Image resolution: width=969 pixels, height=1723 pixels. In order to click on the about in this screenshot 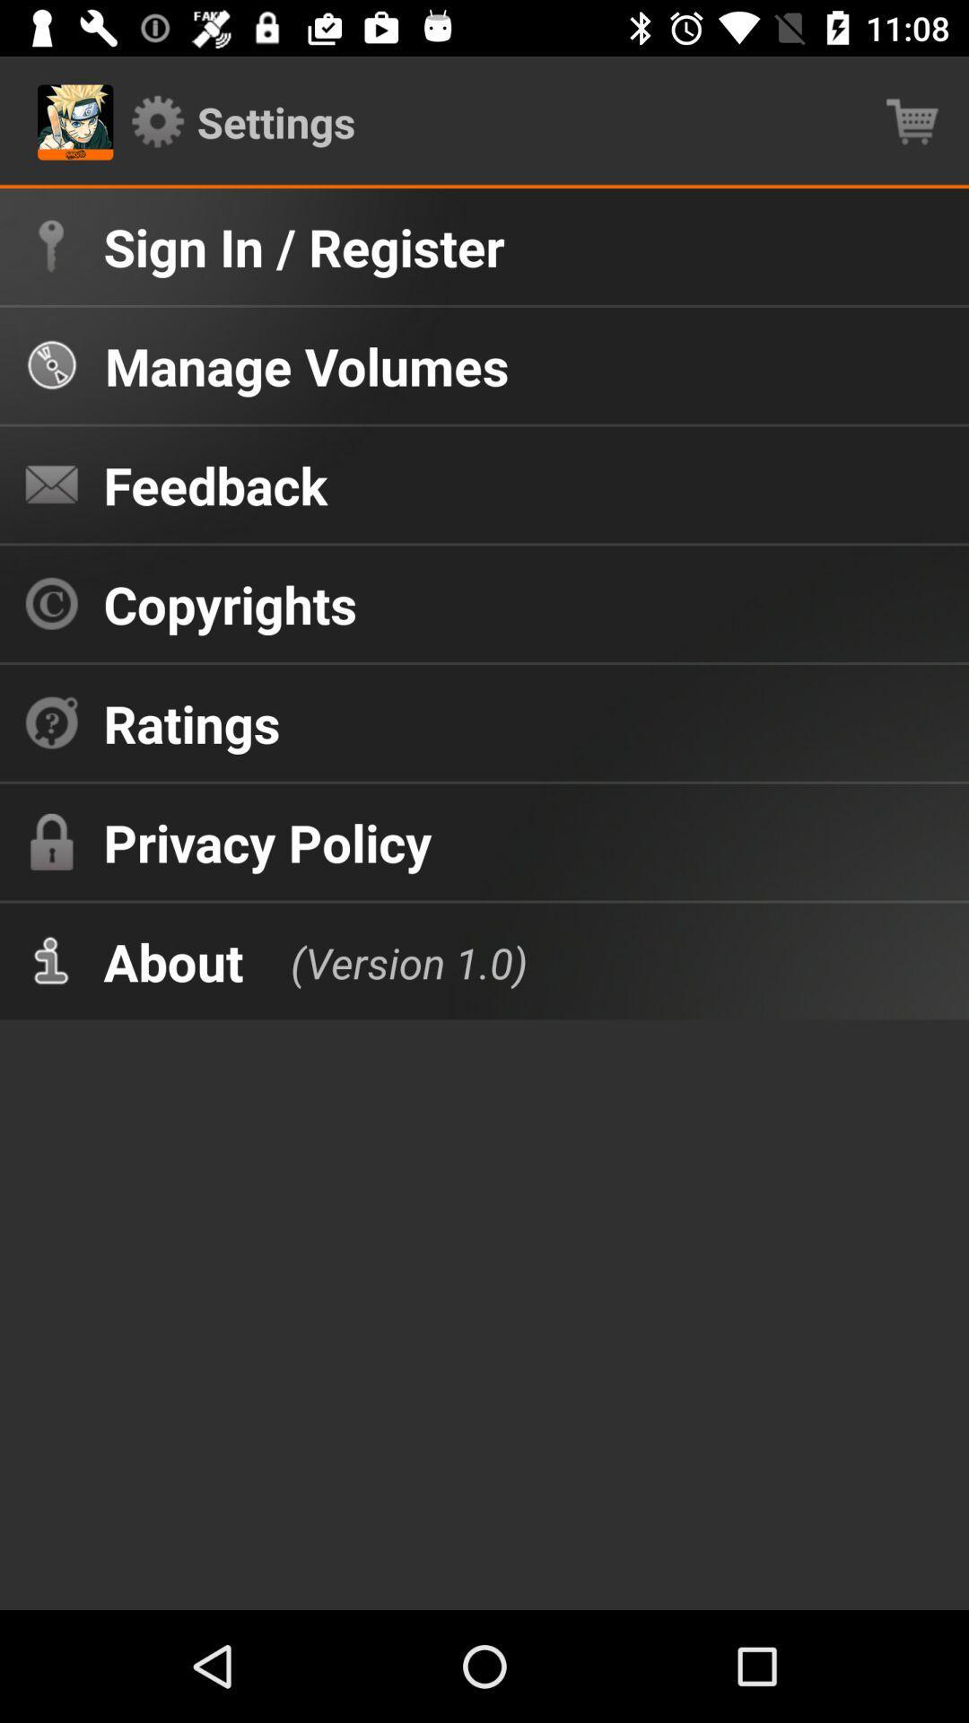, I will do `click(173, 960)`.